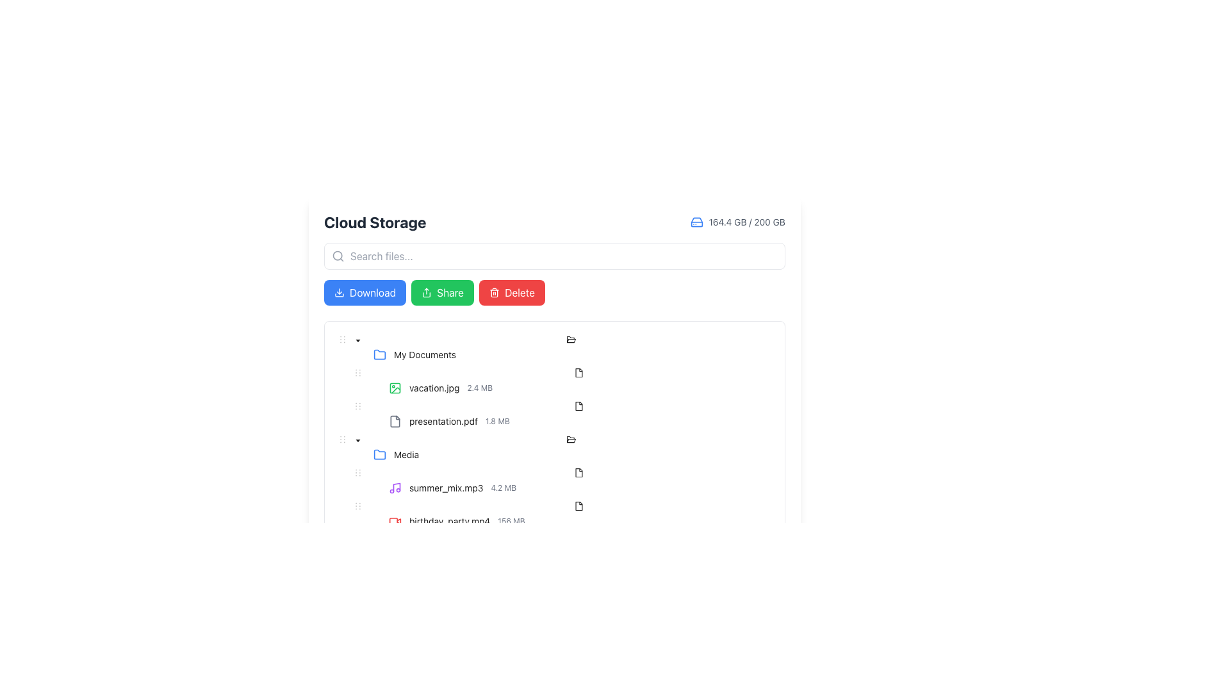 This screenshot has height=692, width=1230. I want to click on the image file indicator icon located to the left of the text 'vacation.jpg' in the horizontal list of items, so click(395, 387).